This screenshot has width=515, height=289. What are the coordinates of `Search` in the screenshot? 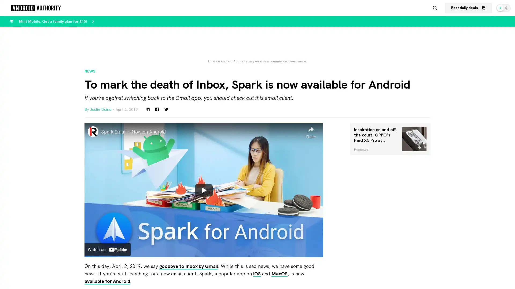 It's located at (435, 8).